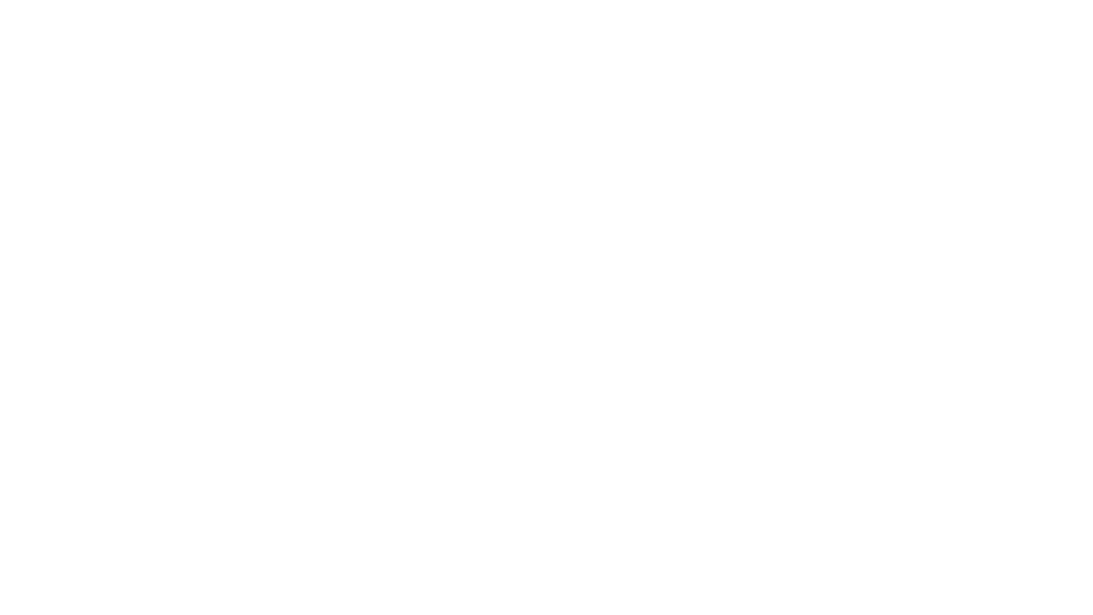  What do you see at coordinates (546, 208) in the screenshot?
I see `Fixed Assets Tracking & Management` at bounding box center [546, 208].